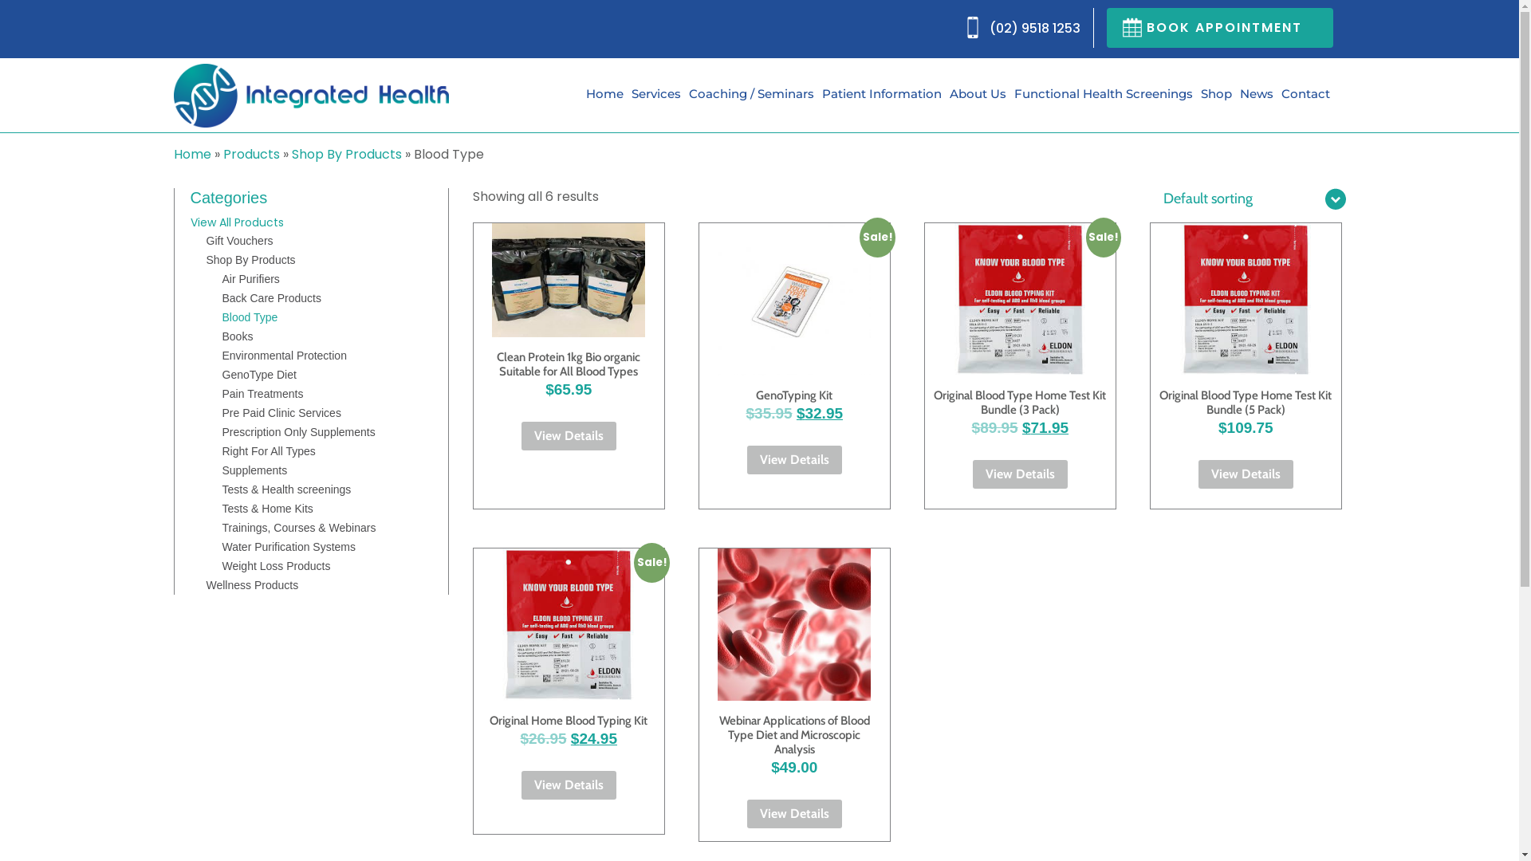 Image resolution: width=1531 pixels, height=861 pixels. Describe the element at coordinates (288, 546) in the screenshot. I see `'Water Purification Systems'` at that location.